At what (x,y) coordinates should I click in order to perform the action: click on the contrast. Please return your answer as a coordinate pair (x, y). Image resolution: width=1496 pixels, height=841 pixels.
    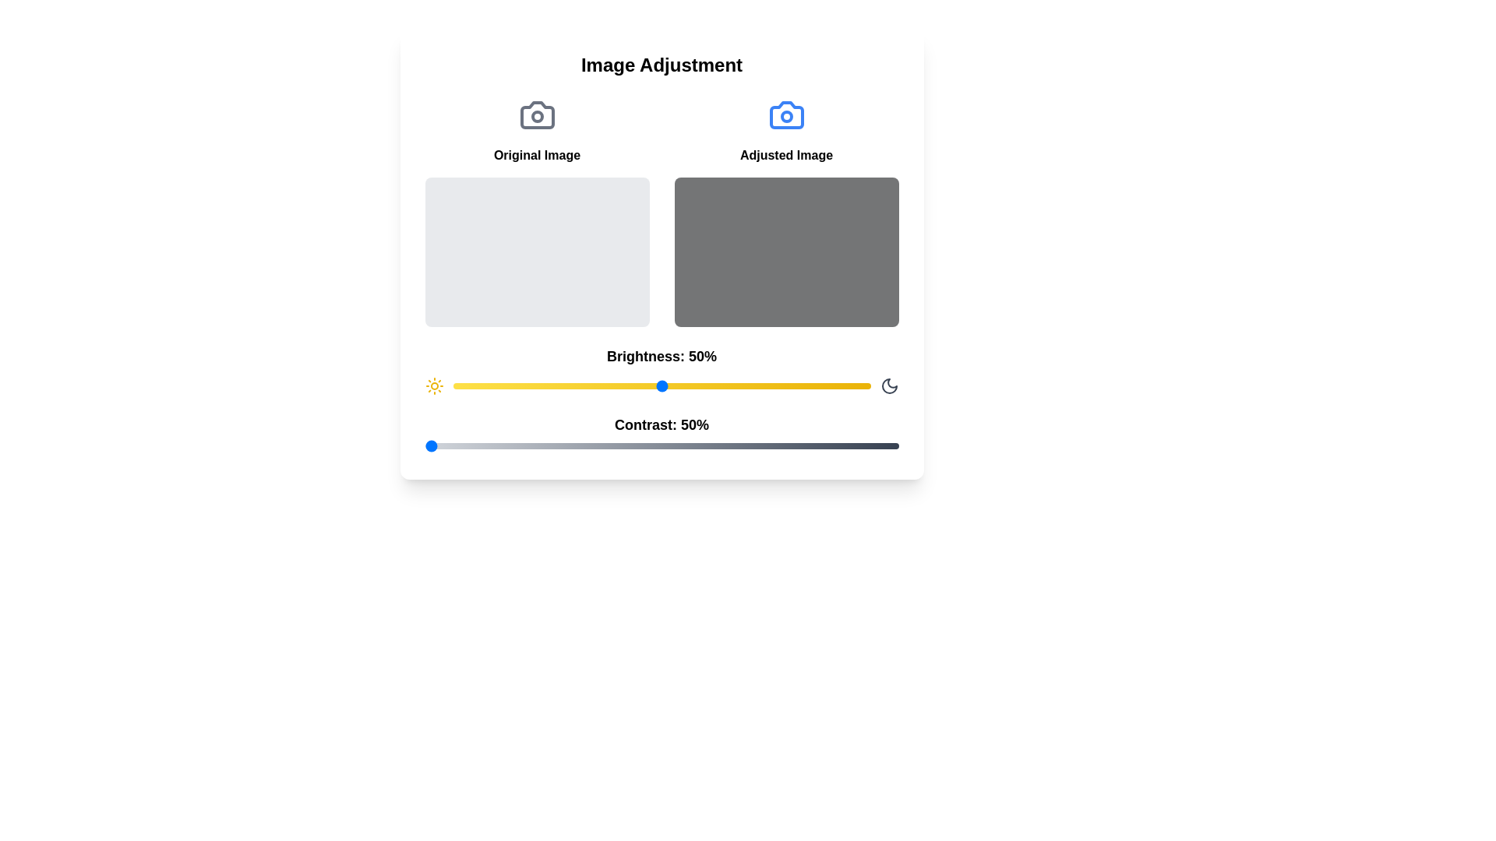
    Looking at the image, I should click on (585, 446).